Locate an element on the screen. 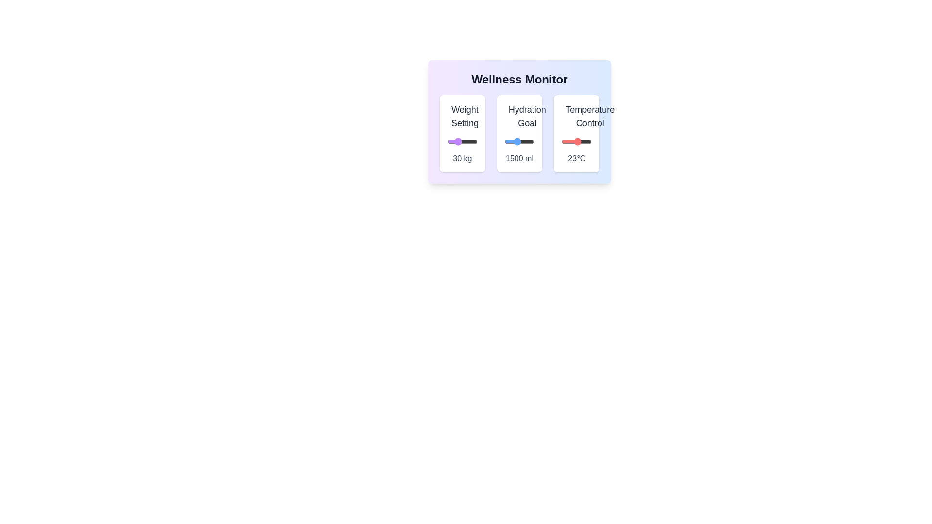 The image size is (932, 524). the weight setting is located at coordinates (448, 142).